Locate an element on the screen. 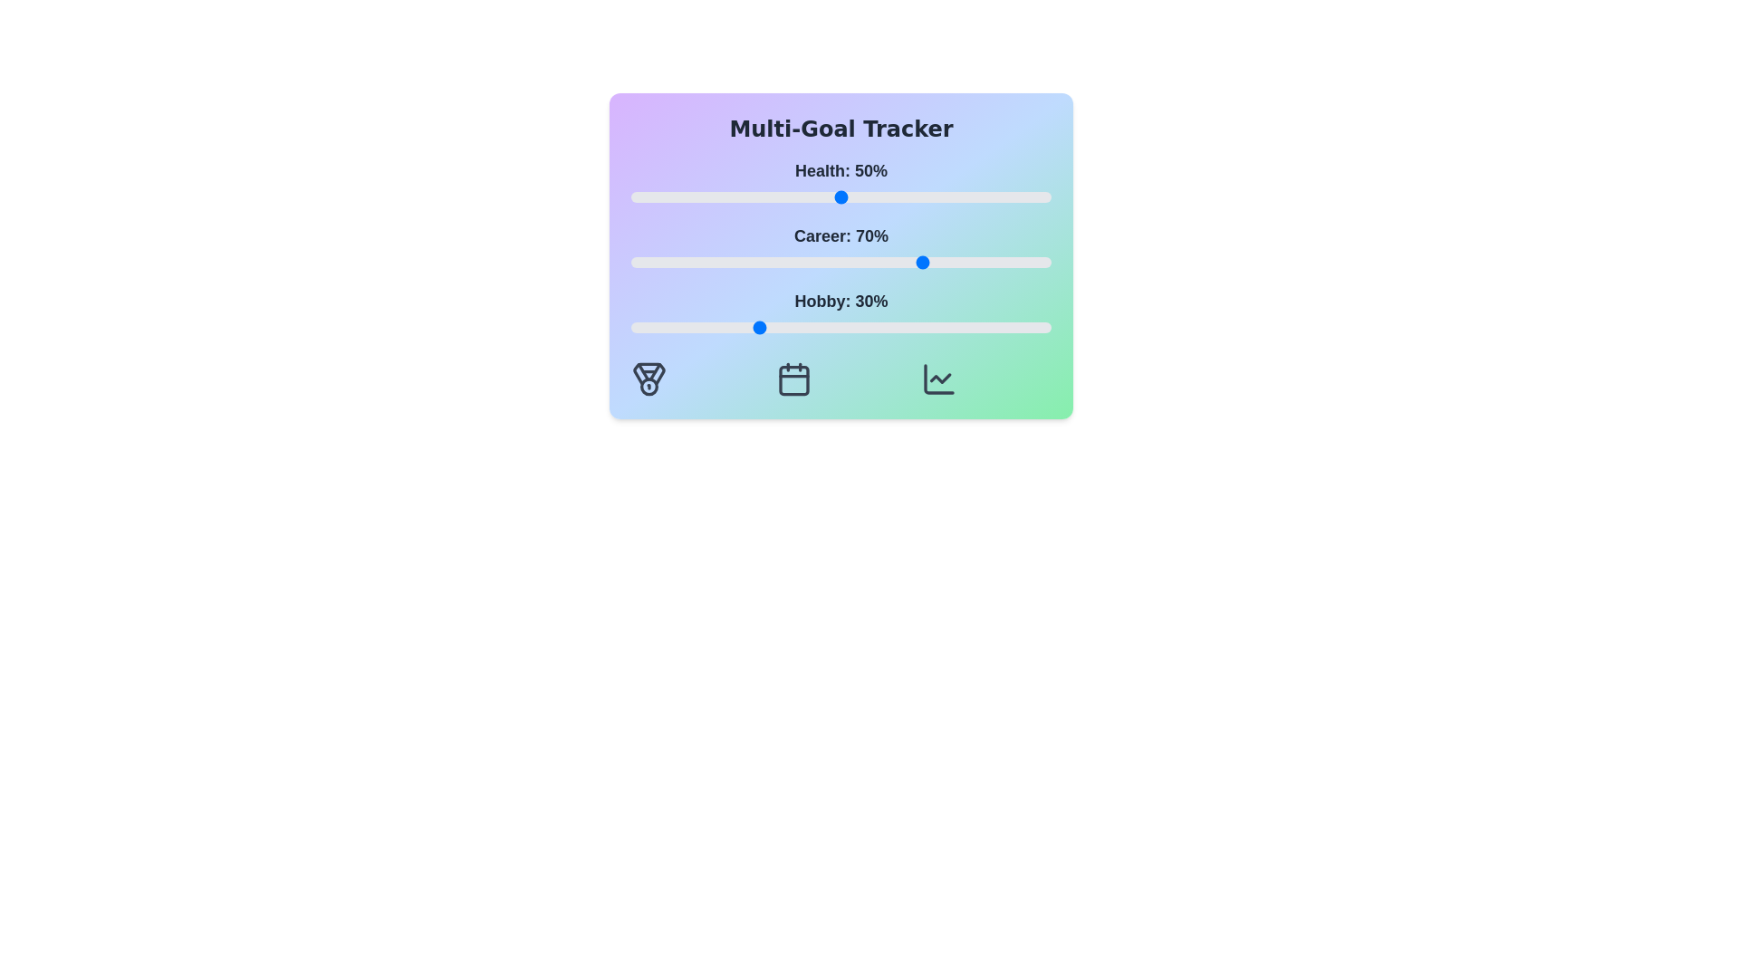  the 'Medal' icon is located at coordinates (649, 379).